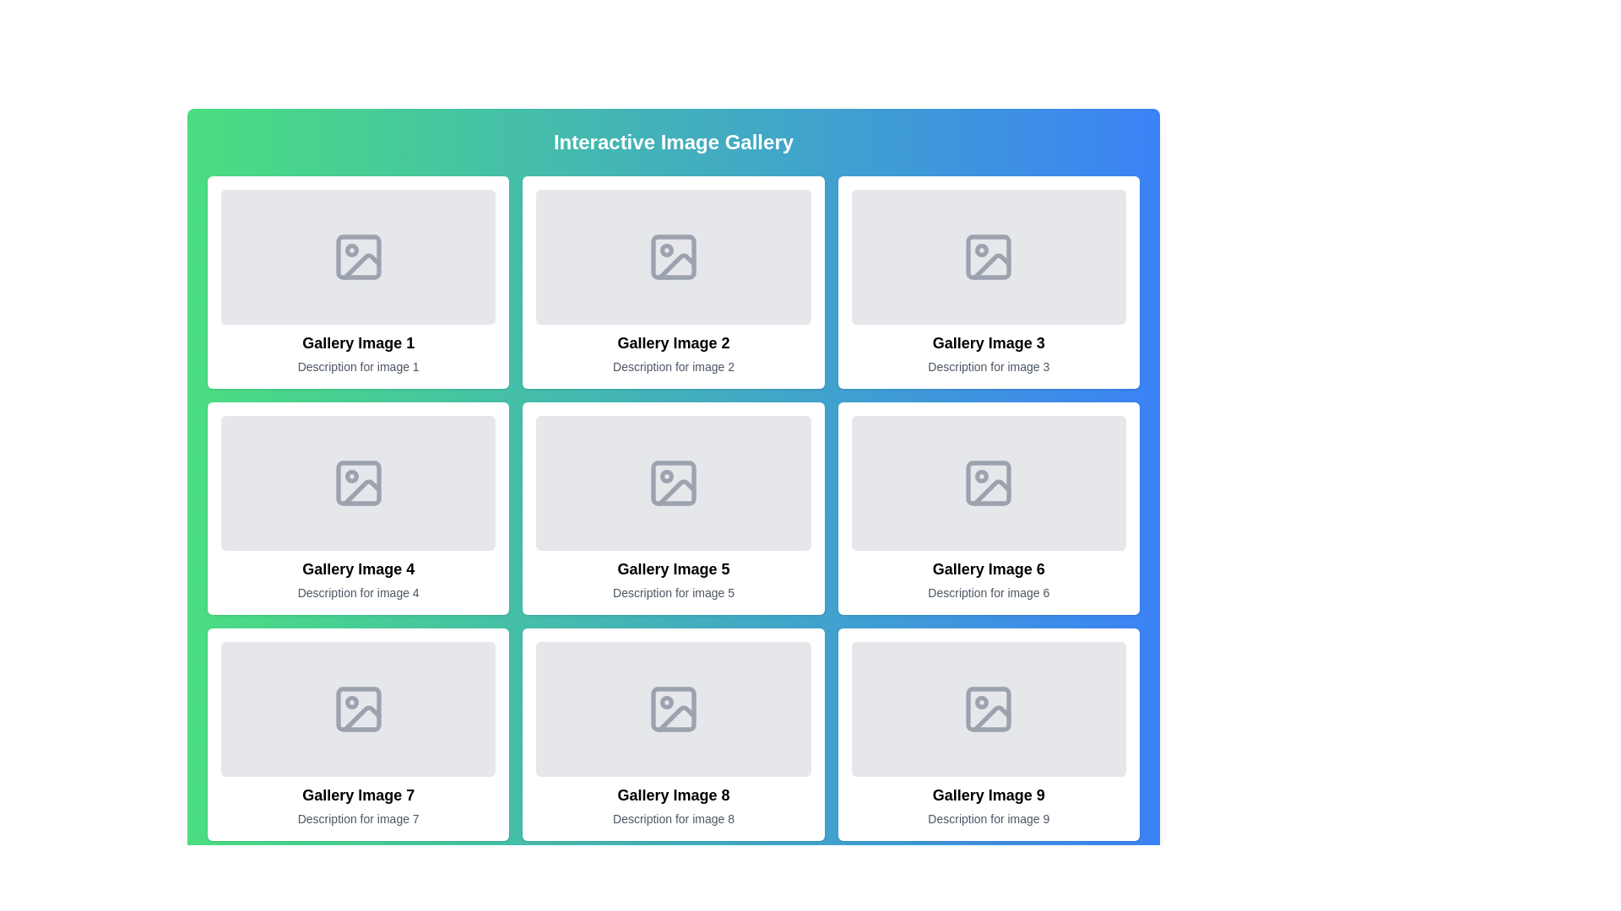  What do you see at coordinates (672, 483) in the screenshot?
I see `the icon resembling a stylized image placeholder located in the fifth box labeled 'Gallery Image 5' in the grid layout of the image gallery` at bounding box center [672, 483].